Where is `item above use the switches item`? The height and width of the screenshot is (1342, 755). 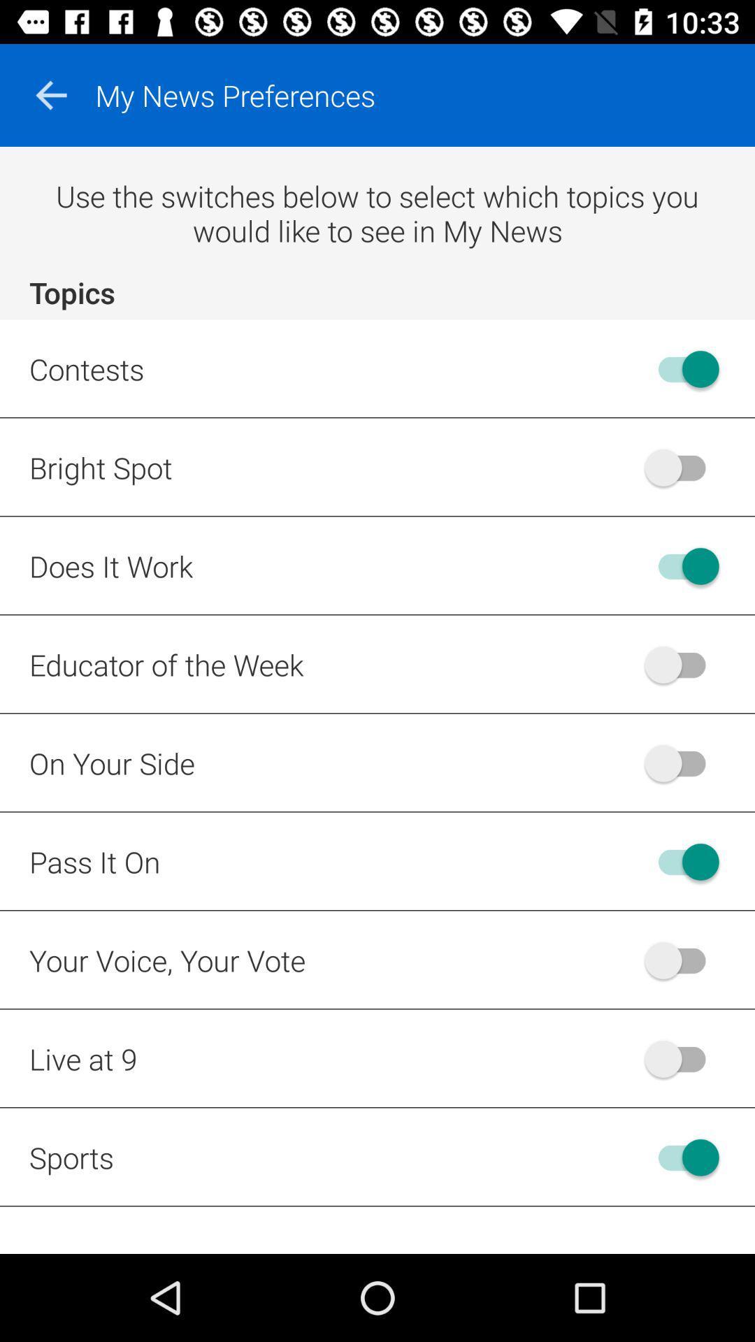
item above use the switches item is located at coordinates (50, 94).